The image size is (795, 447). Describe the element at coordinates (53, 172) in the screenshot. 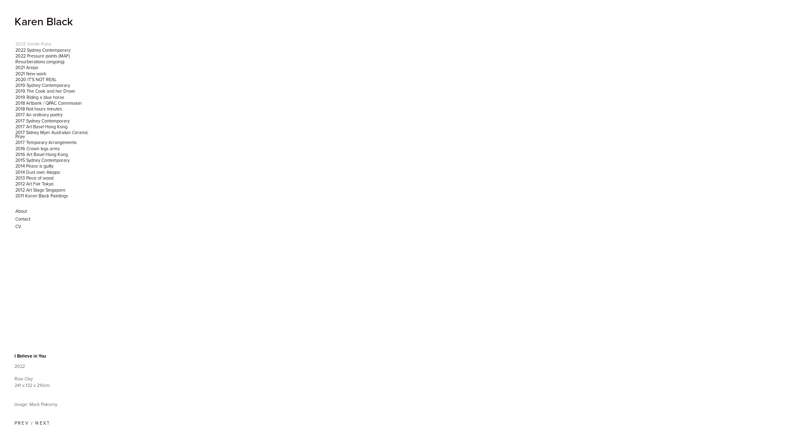

I see `'2014 Dust over Aleppo'` at that location.